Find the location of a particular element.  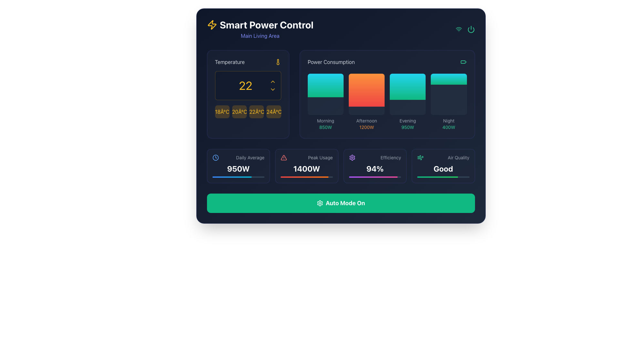

the warning icon in the 'Peak Usage' section located under the 'Power Consumption' heading to get more details about the warning is located at coordinates (284, 157).